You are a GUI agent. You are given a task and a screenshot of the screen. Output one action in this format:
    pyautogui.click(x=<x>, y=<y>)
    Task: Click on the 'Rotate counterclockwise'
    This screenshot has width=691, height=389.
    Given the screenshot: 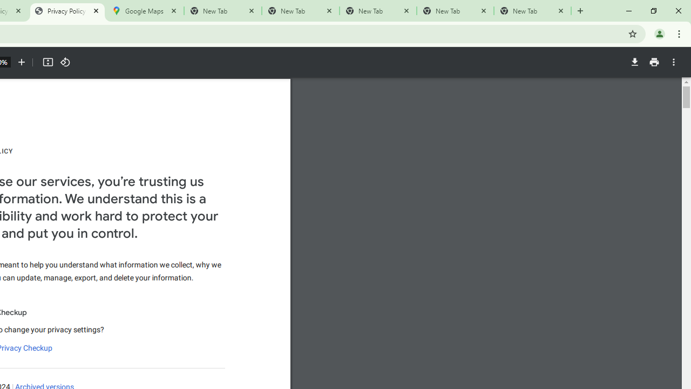 What is the action you would take?
    pyautogui.click(x=64, y=62)
    